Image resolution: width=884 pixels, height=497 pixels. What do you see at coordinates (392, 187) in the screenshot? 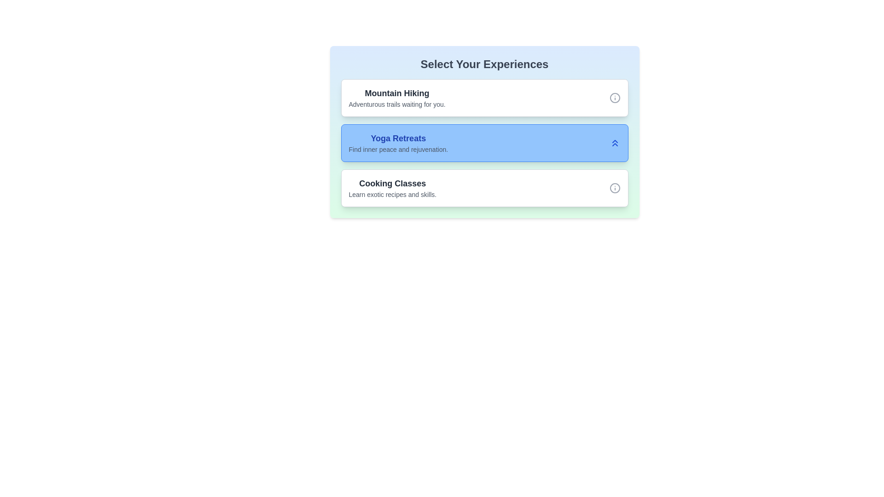
I see `the item Cooking Classes` at bounding box center [392, 187].